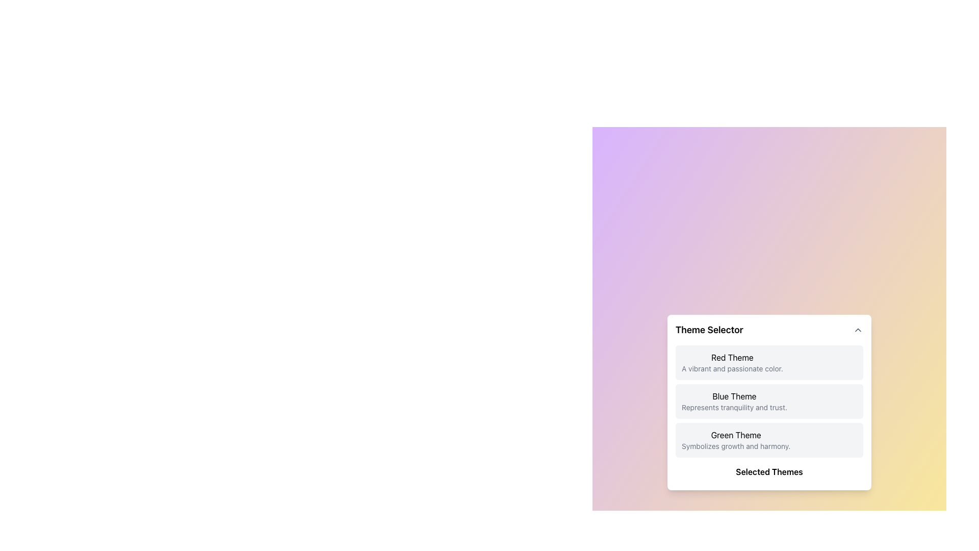 This screenshot has width=979, height=551. Describe the element at coordinates (709, 330) in the screenshot. I see `the bold black text label reading 'Theme Selector' located at the top of the panel, which serves as a header for the theme selection section` at that location.